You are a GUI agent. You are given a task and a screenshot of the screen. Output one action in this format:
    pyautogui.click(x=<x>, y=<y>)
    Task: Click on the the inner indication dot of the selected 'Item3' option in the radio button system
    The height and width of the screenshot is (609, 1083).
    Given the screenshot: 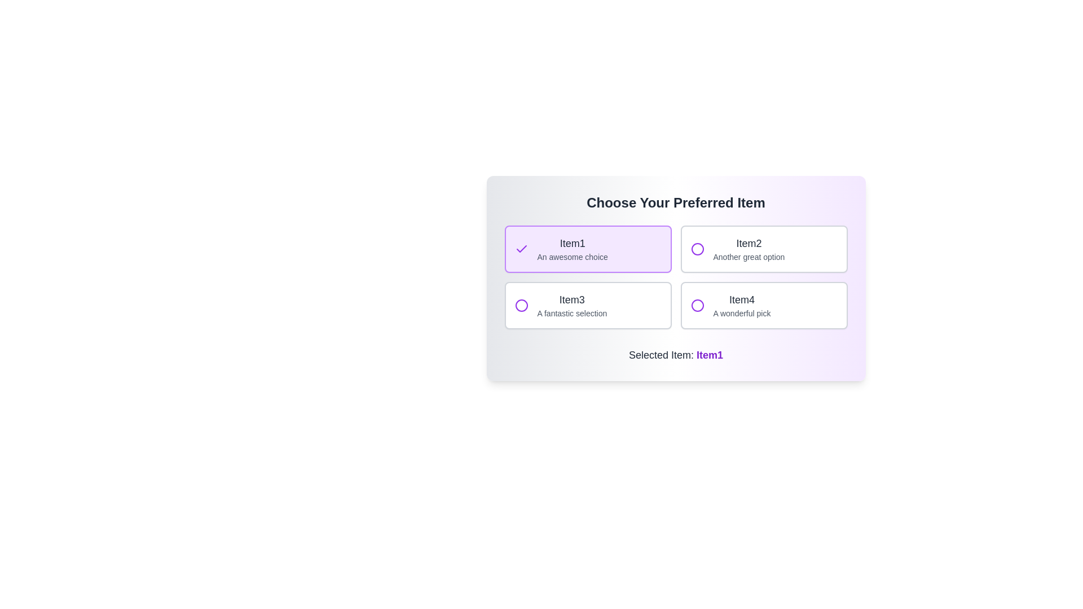 What is the action you would take?
    pyautogui.click(x=521, y=306)
    